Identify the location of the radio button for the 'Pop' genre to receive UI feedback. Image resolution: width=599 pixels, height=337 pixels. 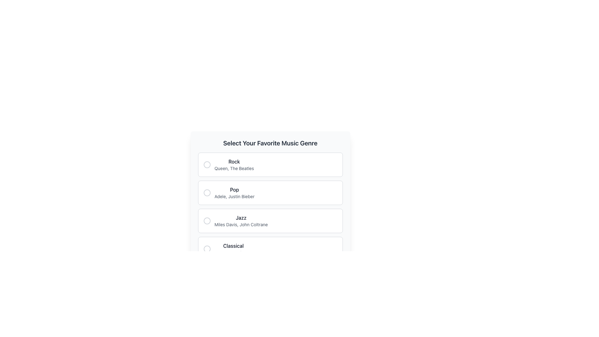
(207, 192).